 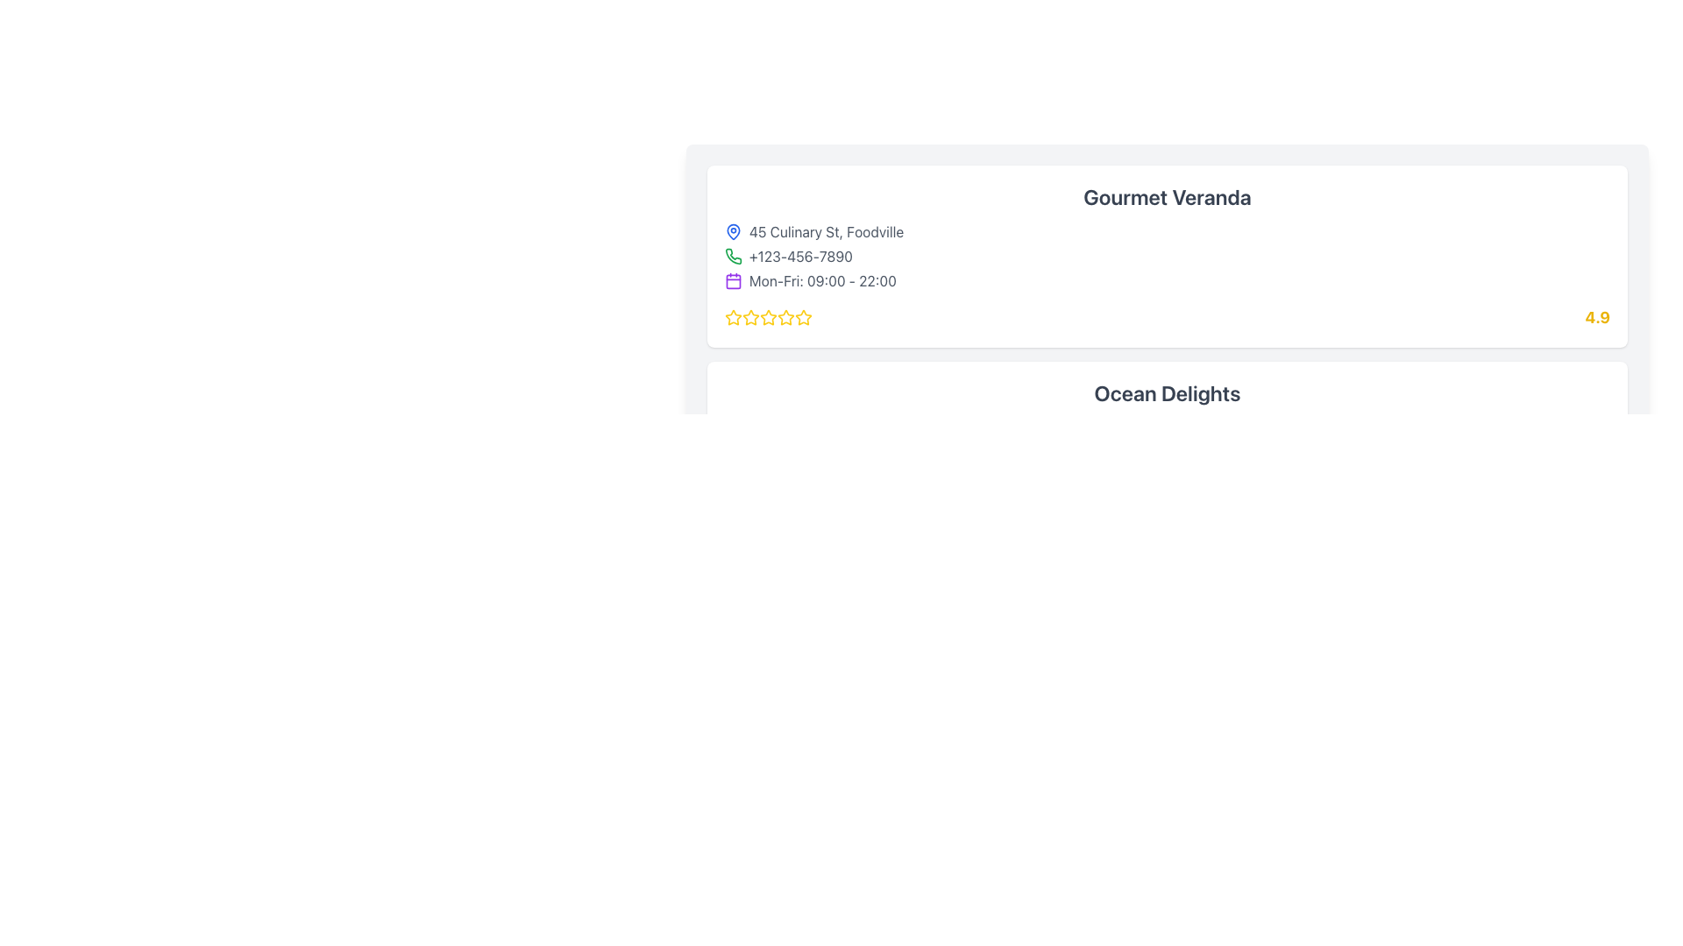 What do you see at coordinates (769, 317) in the screenshot?
I see `on the fourth yellow-outlined star in the rating system` at bounding box center [769, 317].